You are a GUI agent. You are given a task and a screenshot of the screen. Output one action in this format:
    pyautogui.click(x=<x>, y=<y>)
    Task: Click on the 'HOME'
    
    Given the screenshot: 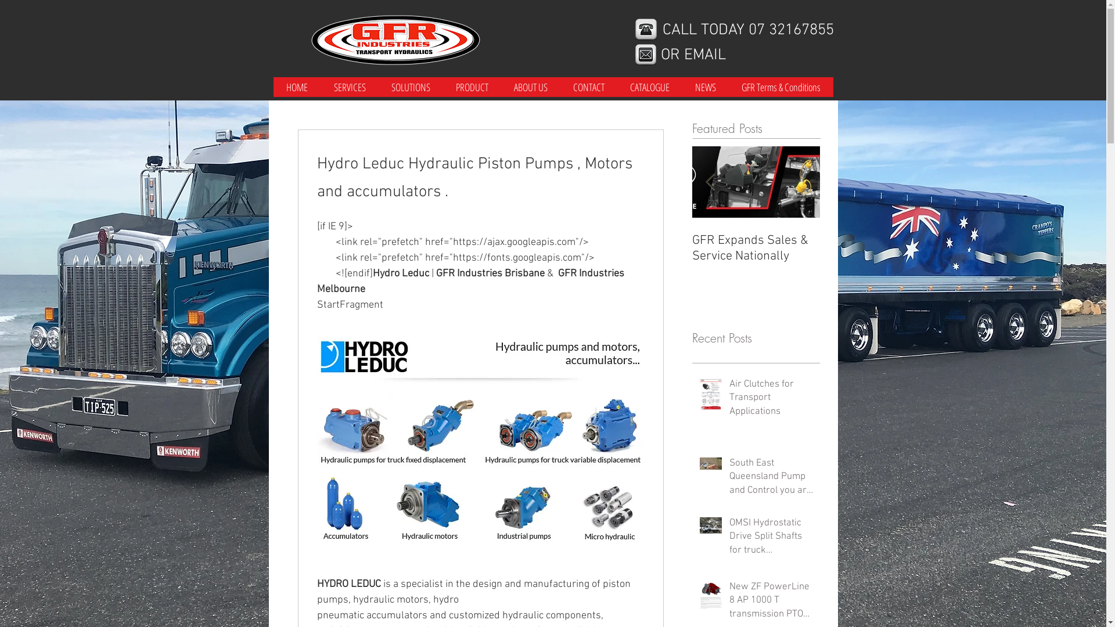 What is the action you would take?
    pyautogui.click(x=296, y=87)
    